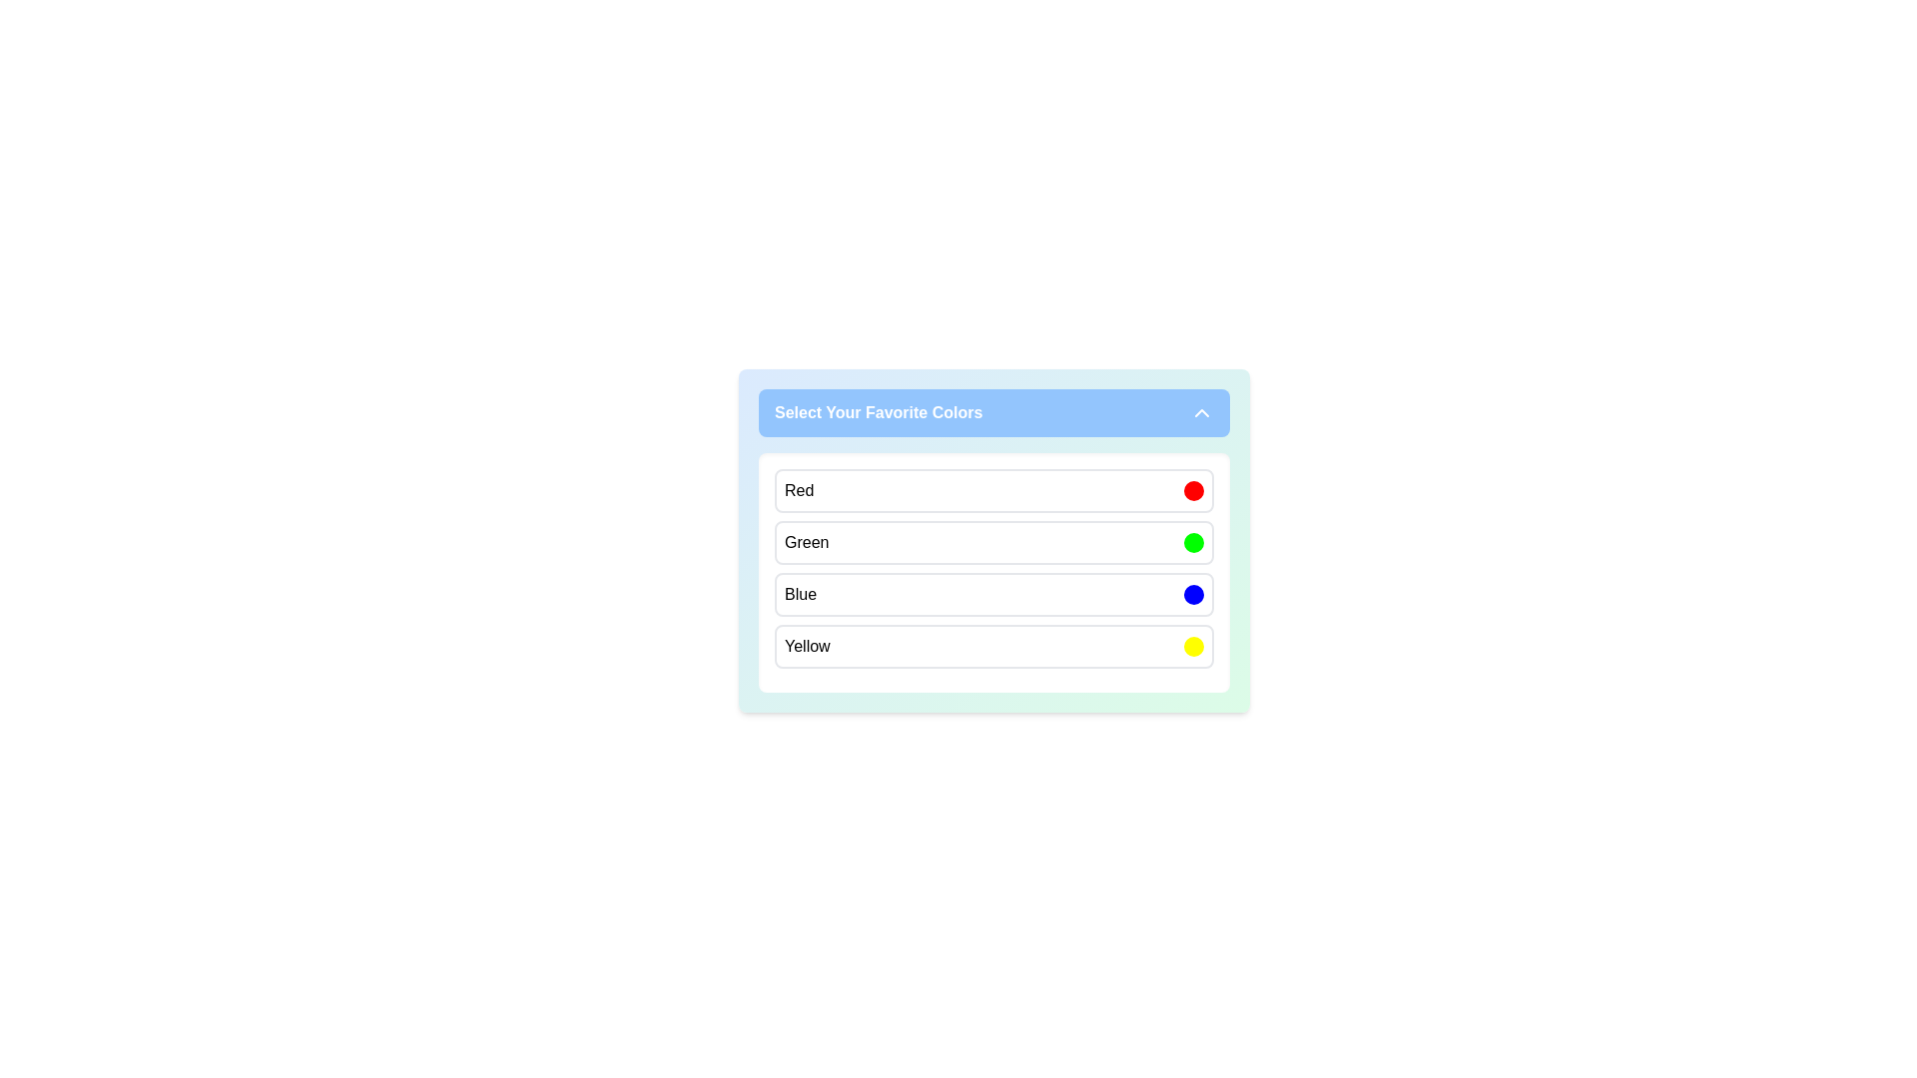 This screenshot has width=1917, height=1078. I want to click on the text label displaying the word 'Blue', which is the third item in the vertical list of selectable color options, located to the left of the circular blue indicator, so click(800, 594).